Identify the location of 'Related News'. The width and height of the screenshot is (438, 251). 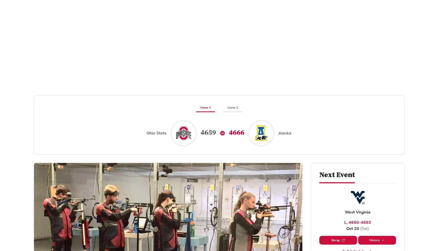
(64, 96).